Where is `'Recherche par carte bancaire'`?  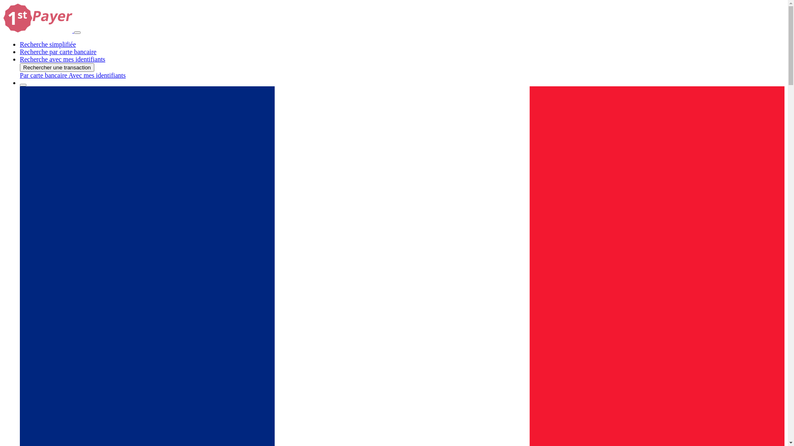
'Recherche par carte bancaire' is located at coordinates (57, 52).